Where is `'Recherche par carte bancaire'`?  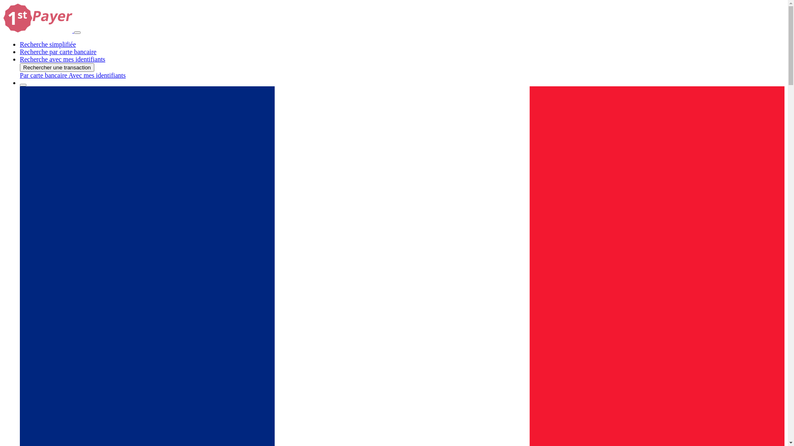
'Recherche par carte bancaire' is located at coordinates (57, 52).